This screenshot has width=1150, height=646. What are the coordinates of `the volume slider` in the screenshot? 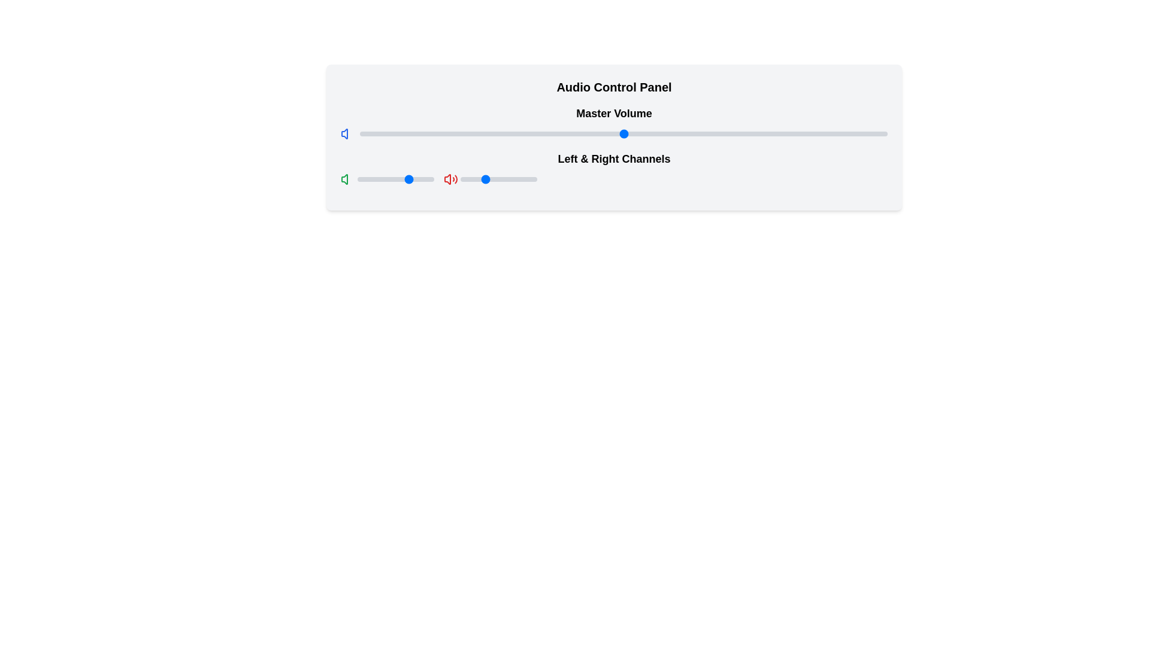 It's located at (829, 131).